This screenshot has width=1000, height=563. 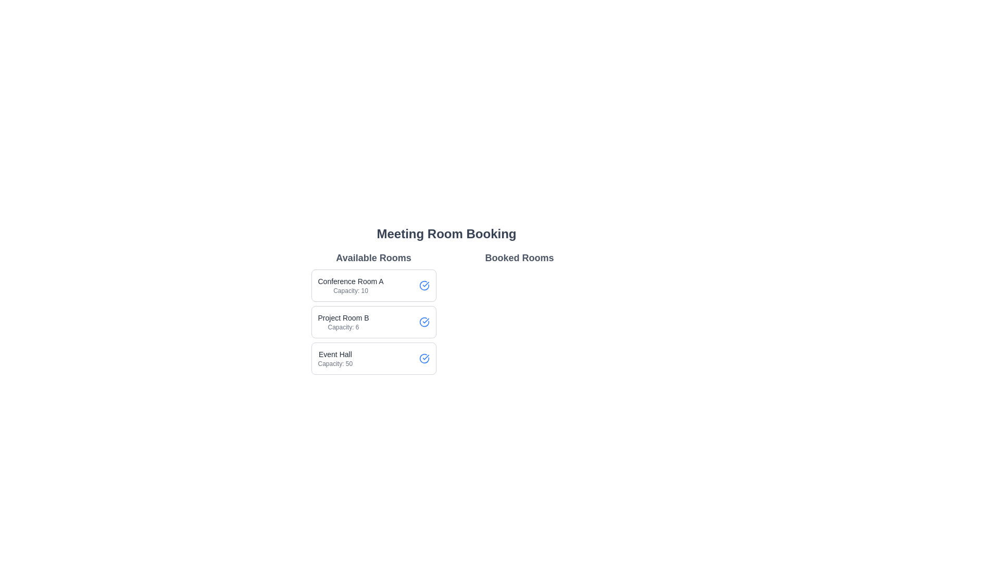 I want to click on the icon with a blue outline and a checkmark inside, located to the right of 'Project Room B' in the 'Meeting Room Booking' interface, so click(x=424, y=321).